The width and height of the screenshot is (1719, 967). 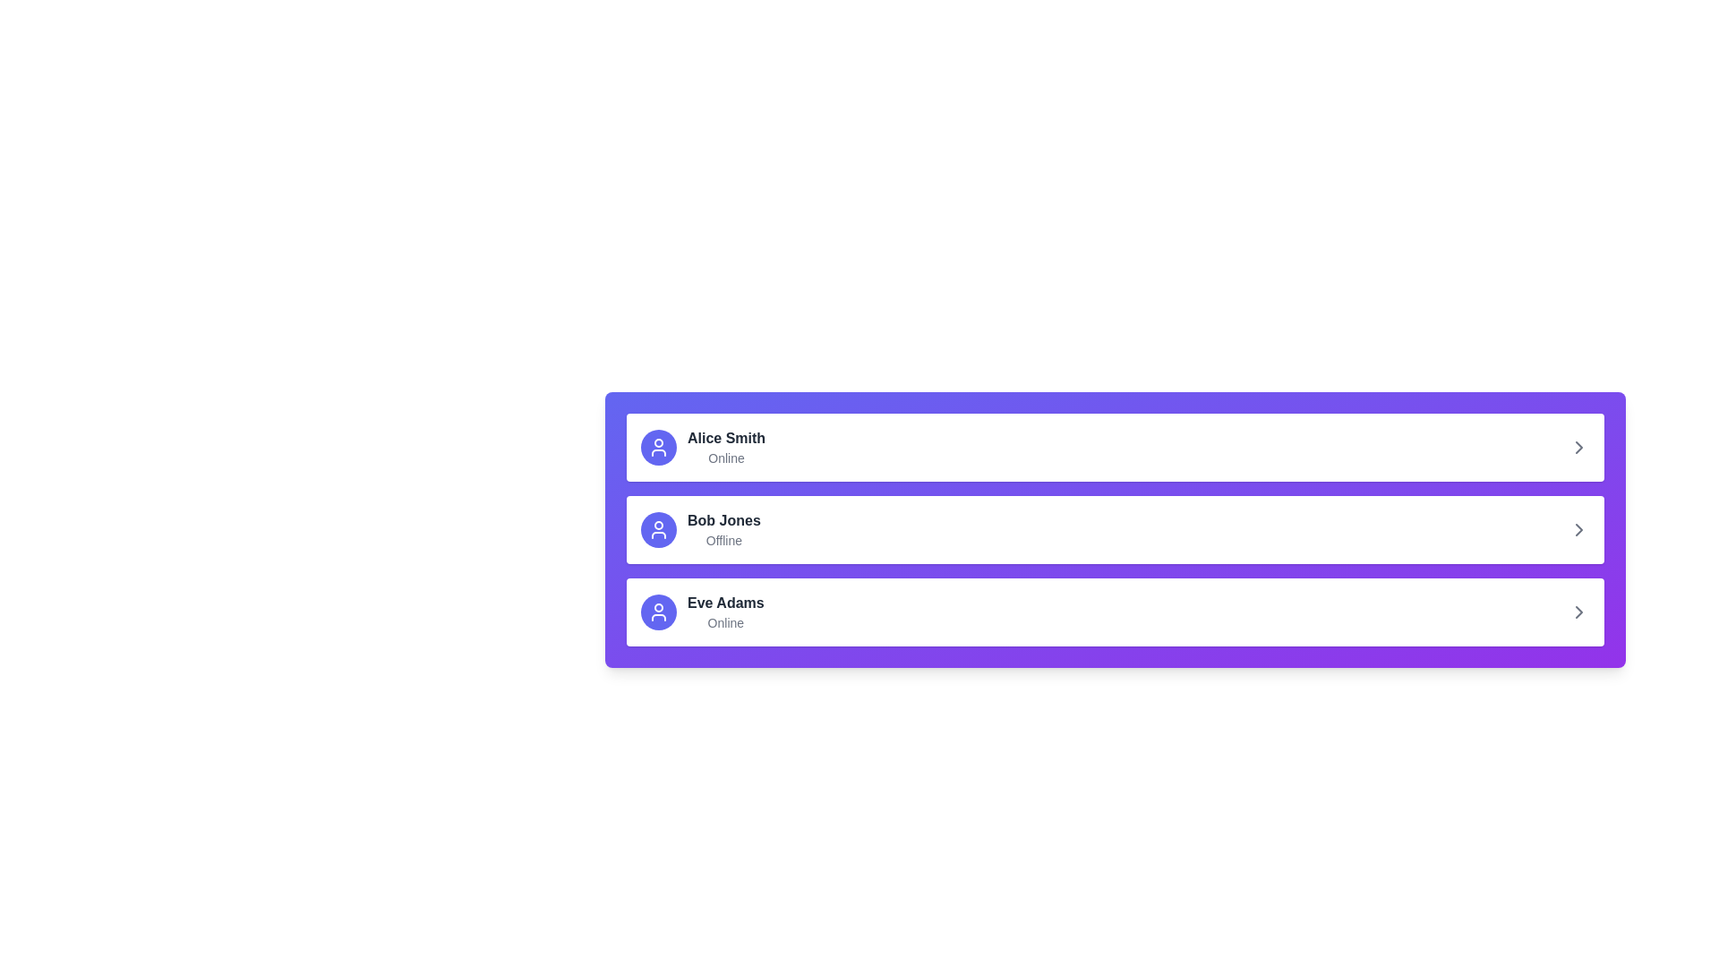 I want to click on the small, right-pointing gray arrow icon located at the far right of the third list row, so click(x=1578, y=611).